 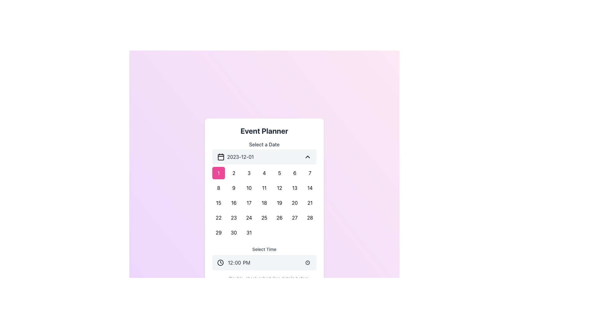 What do you see at coordinates (310, 203) in the screenshot?
I see `the button in the calendar grid that represents the date '21'` at bounding box center [310, 203].